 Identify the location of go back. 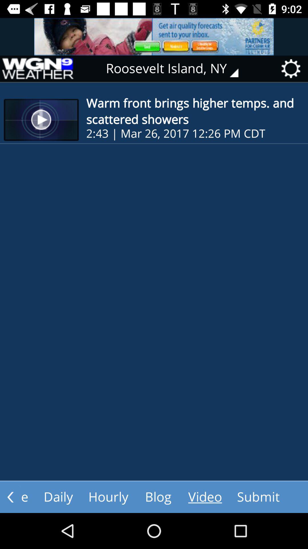
(10, 497).